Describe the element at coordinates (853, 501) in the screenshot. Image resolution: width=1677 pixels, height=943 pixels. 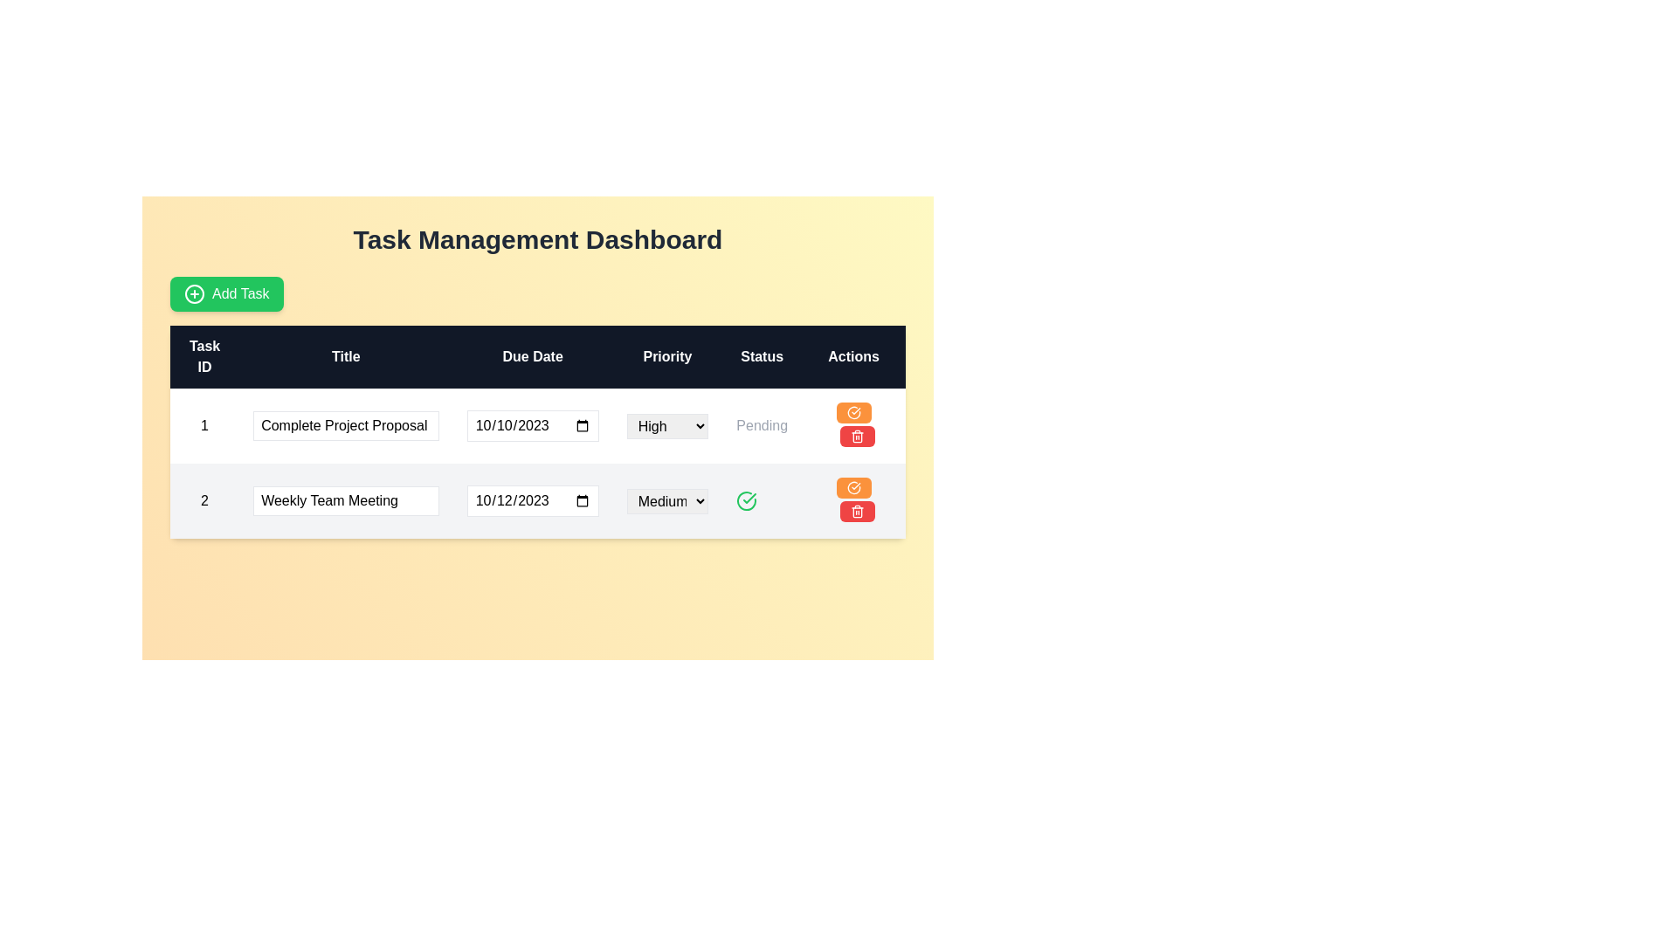
I see `the delete button located in the second row of the task table, rightmost column` at that location.